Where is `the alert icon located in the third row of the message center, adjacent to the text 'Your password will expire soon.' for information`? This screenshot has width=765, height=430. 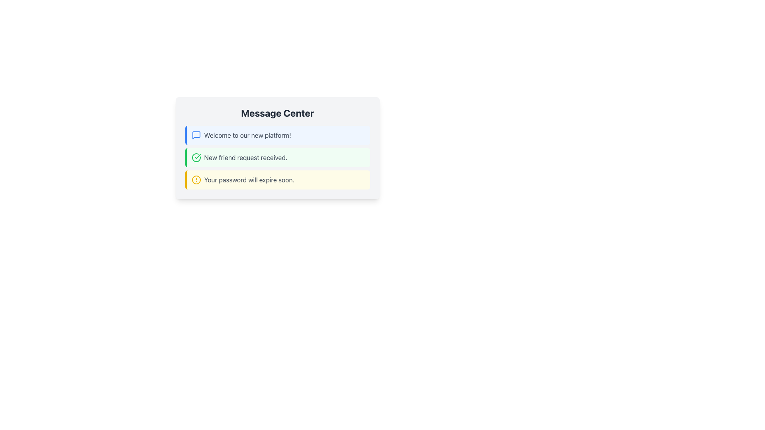 the alert icon located in the third row of the message center, adjacent to the text 'Your password will expire soon.' for information is located at coordinates (196, 180).